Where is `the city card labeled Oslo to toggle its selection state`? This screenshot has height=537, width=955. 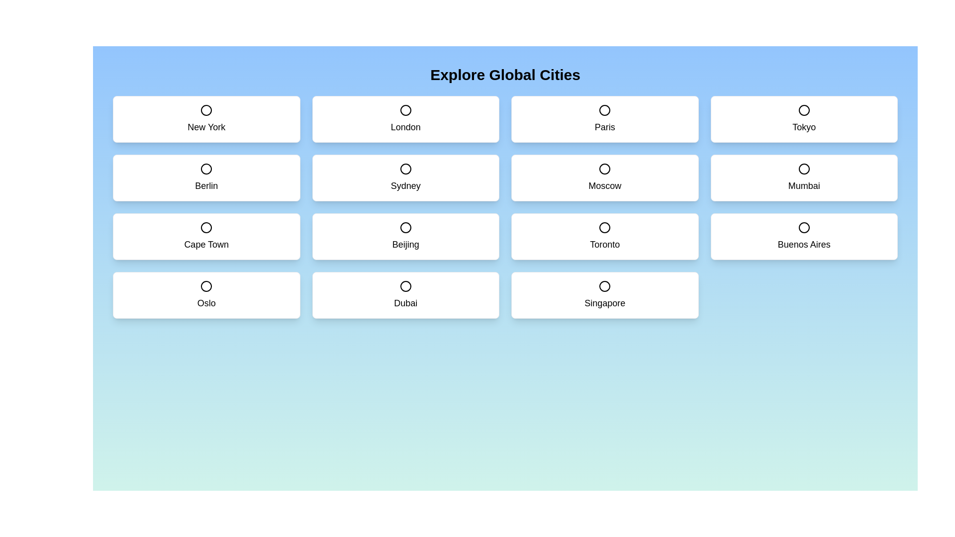
the city card labeled Oslo to toggle its selection state is located at coordinates (206, 295).